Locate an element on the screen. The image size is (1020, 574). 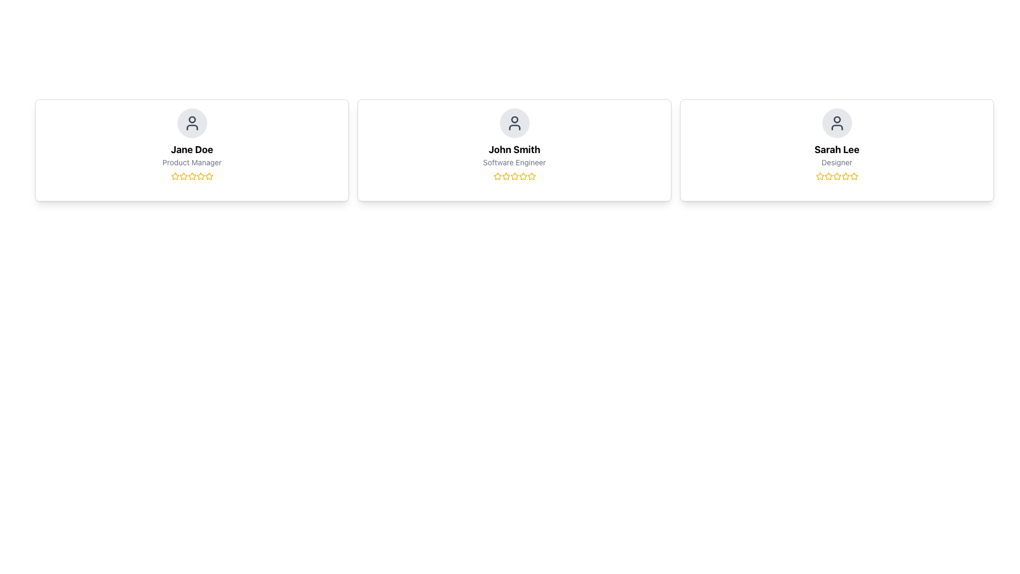
the third yellow star icon in the rating system beneath 'John Smith' is located at coordinates (514, 175).